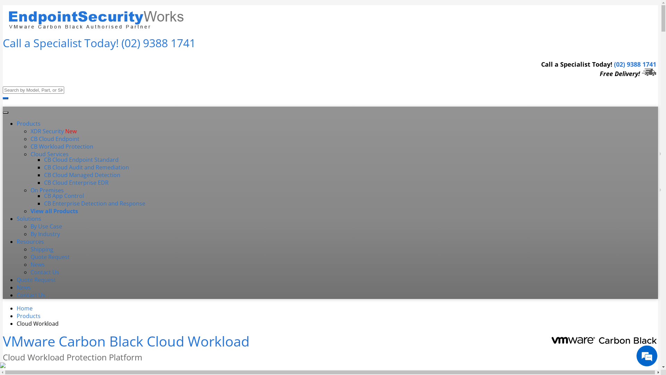  What do you see at coordinates (158, 43) in the screenshot?
I see `'(02) 9388 1741'` at bounding box center [158, 43].